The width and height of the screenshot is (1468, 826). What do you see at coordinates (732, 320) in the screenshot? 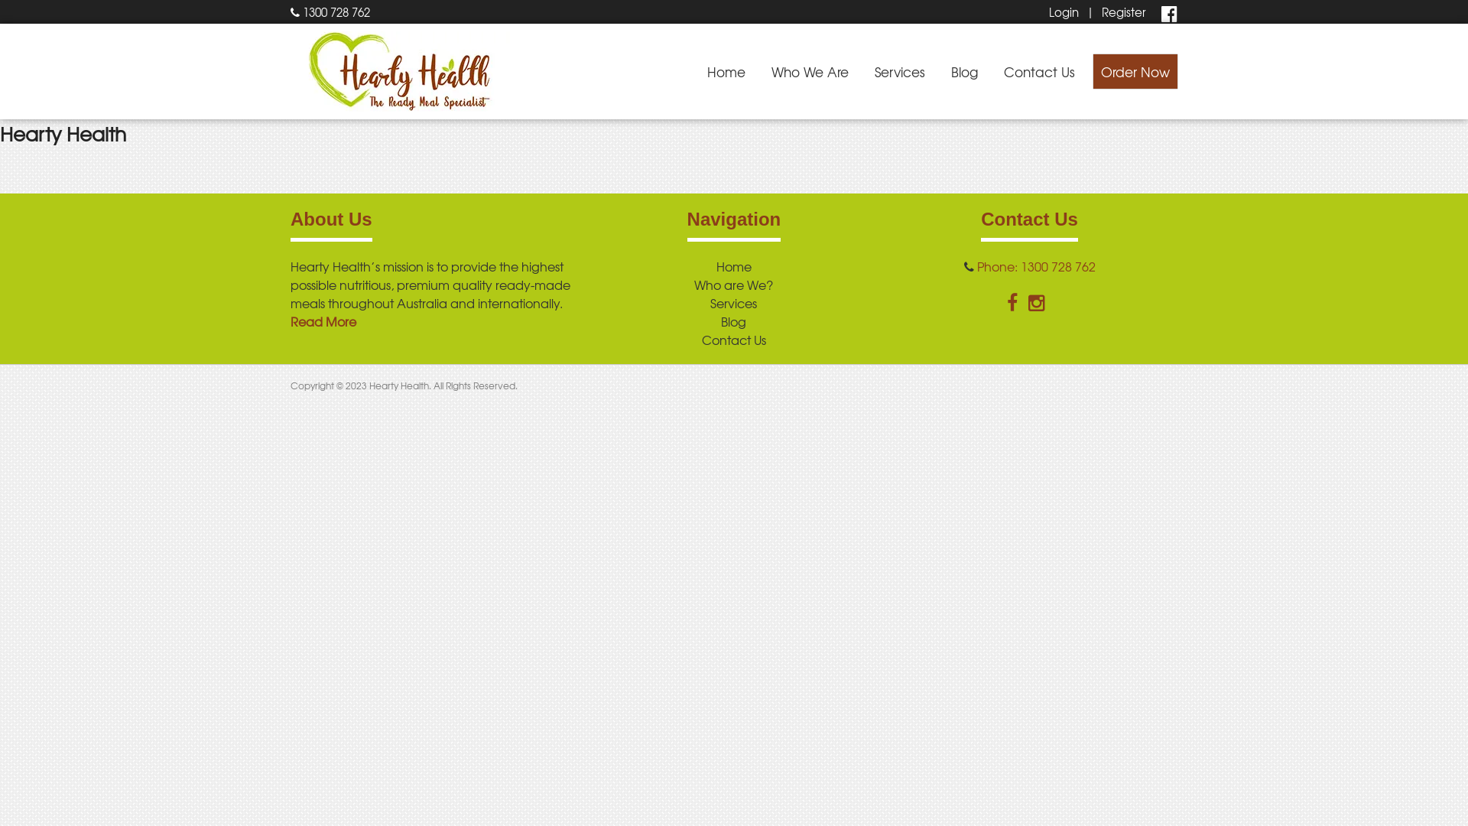
I see `'Blog'` at bounding box center [732, 320].